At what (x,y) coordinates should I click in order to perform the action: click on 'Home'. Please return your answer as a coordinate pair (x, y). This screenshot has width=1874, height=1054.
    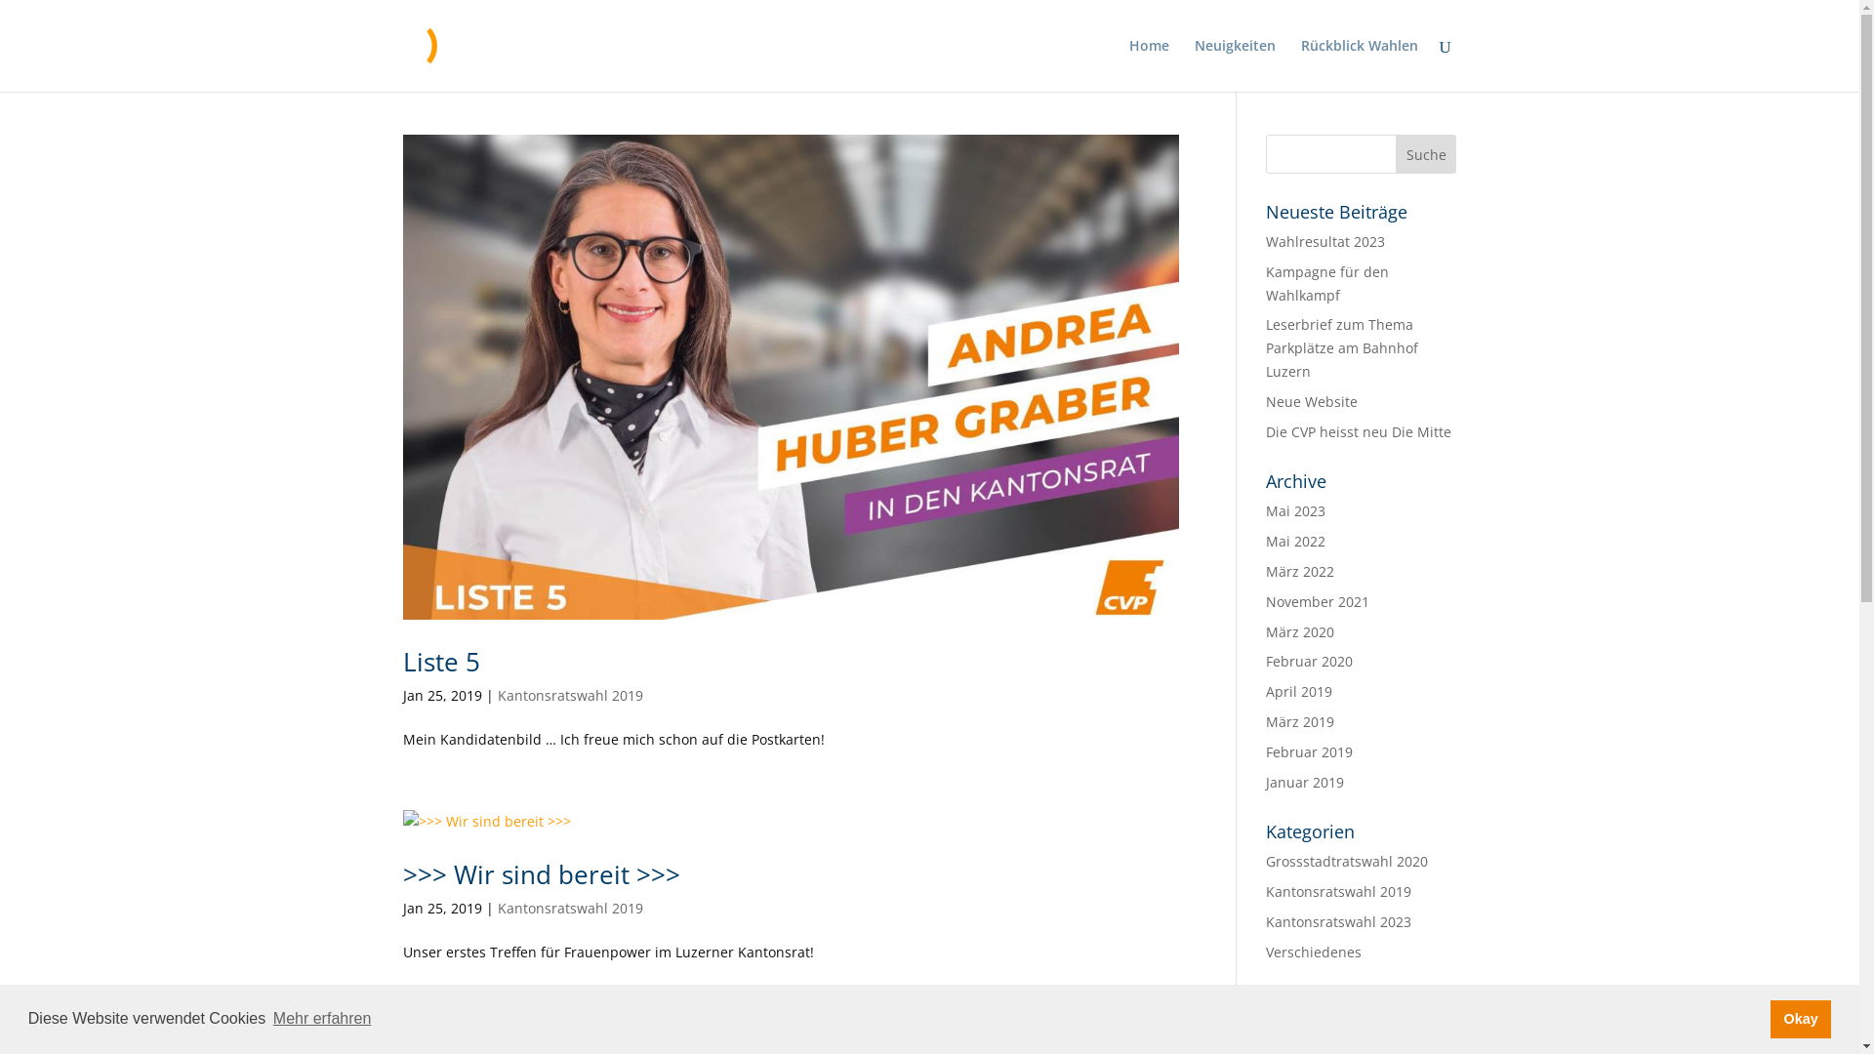
    Looking at the image, I should click on (1148, 63).